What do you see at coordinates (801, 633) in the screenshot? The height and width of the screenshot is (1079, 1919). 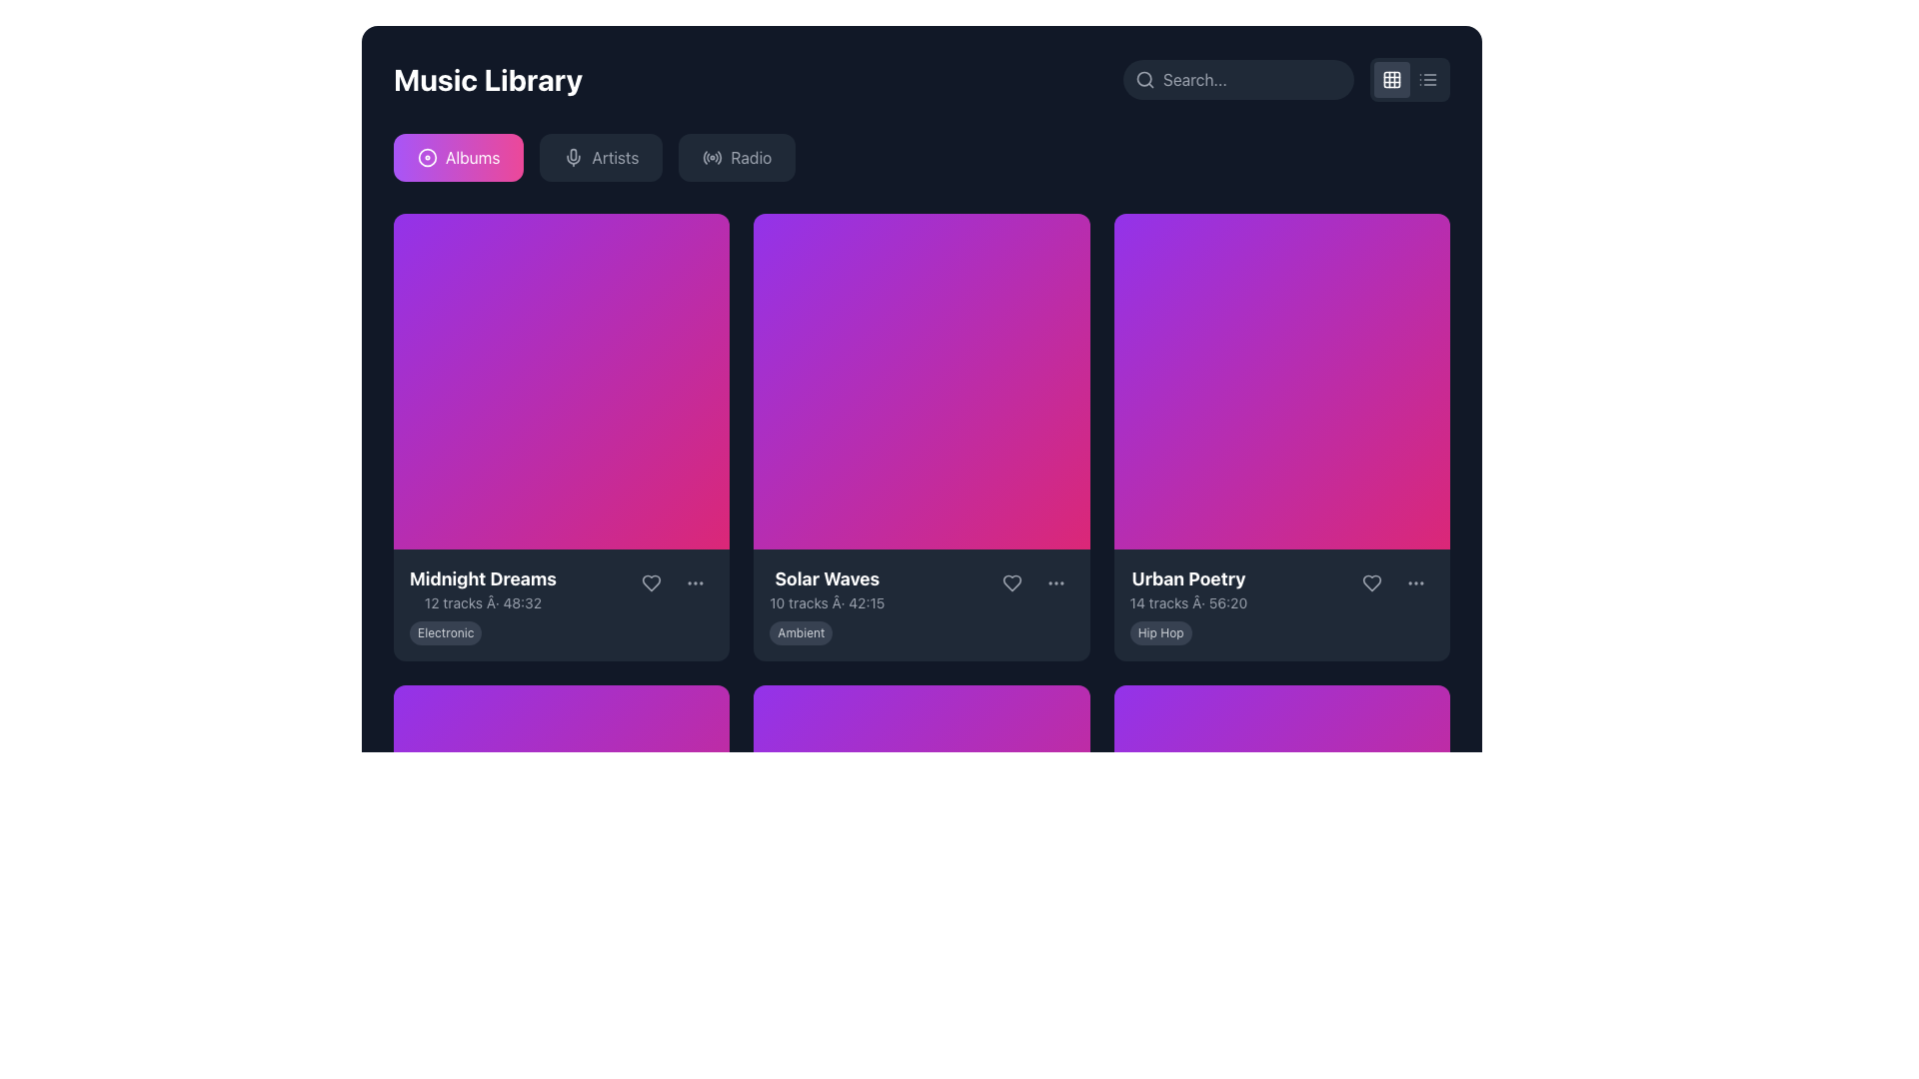 I see `the tag label with gray text 'Ambient' on a dark gray background, located in the lower section of the 'Solar Waves' card` at bounding box center [801, 633].